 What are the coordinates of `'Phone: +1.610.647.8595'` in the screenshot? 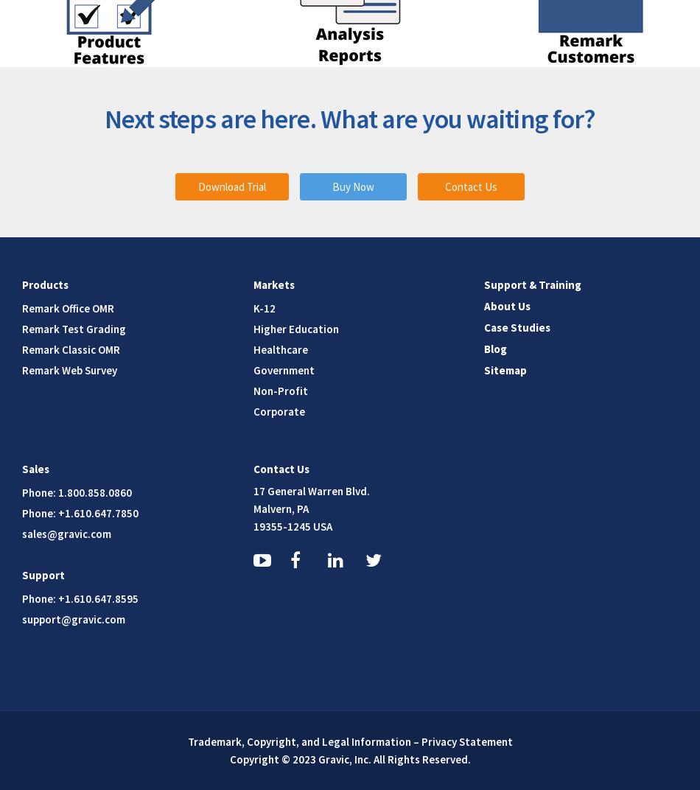 It's located at (80, 597).